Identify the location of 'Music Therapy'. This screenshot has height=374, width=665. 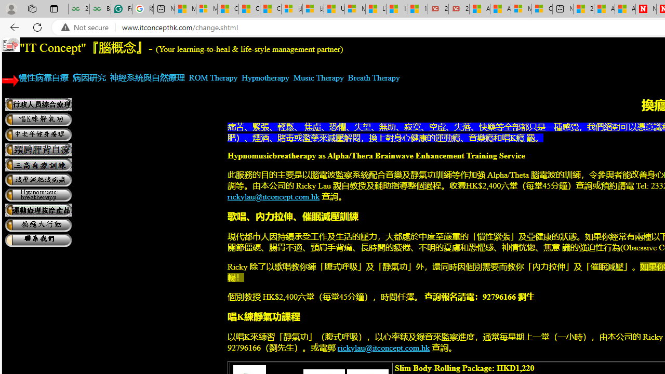
(318, 77).